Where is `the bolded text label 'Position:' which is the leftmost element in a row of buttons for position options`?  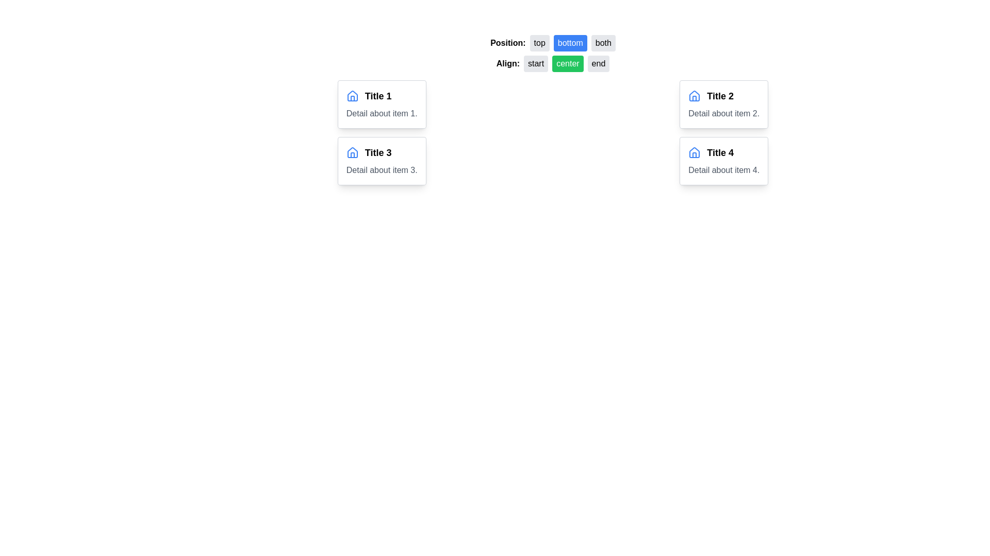 the bolded text label 'Position:' which is the leftmost element in a row of buttons for position options is located at coordinates (508, 42).